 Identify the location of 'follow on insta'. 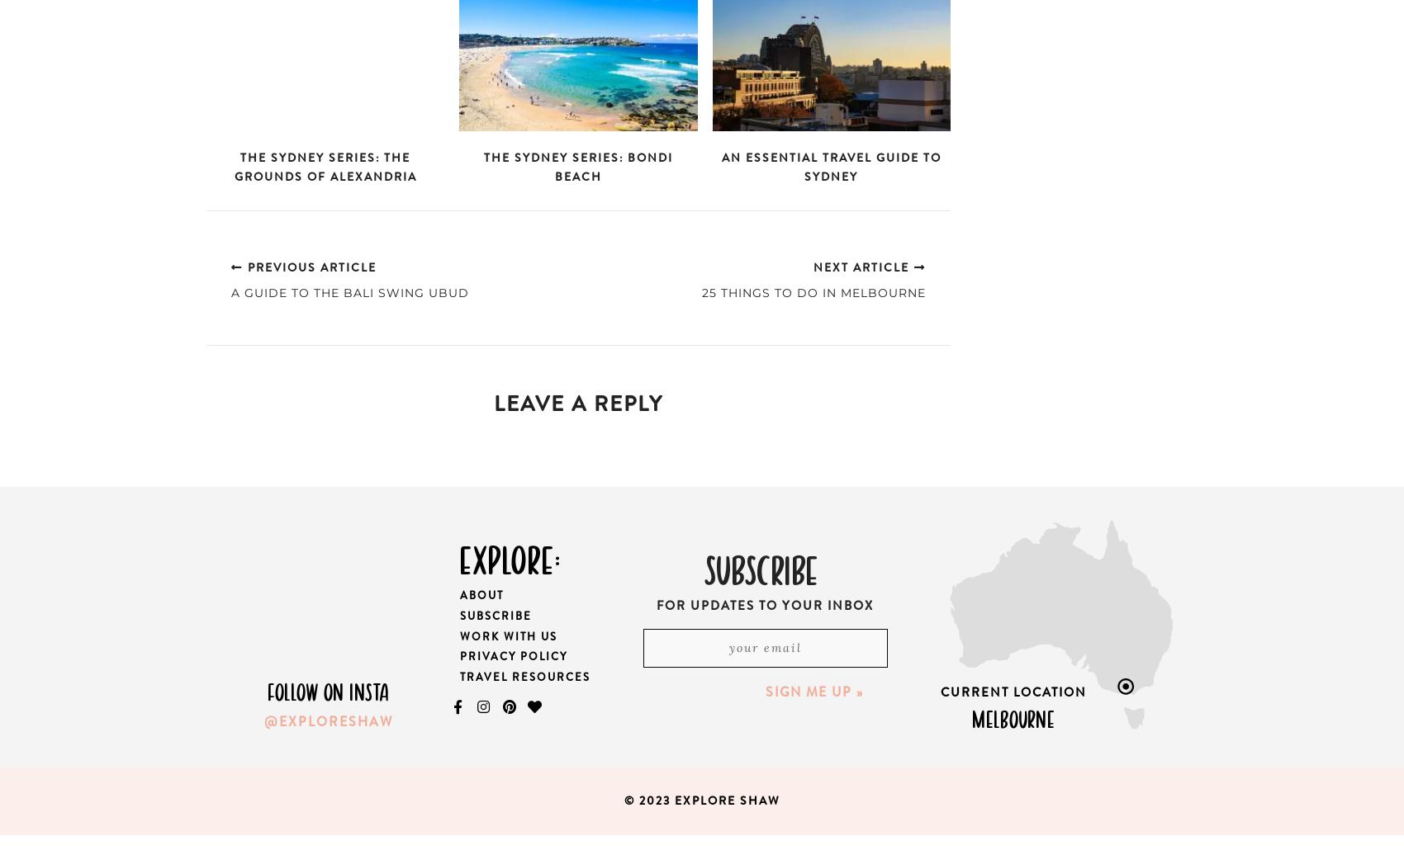
(327, 690).